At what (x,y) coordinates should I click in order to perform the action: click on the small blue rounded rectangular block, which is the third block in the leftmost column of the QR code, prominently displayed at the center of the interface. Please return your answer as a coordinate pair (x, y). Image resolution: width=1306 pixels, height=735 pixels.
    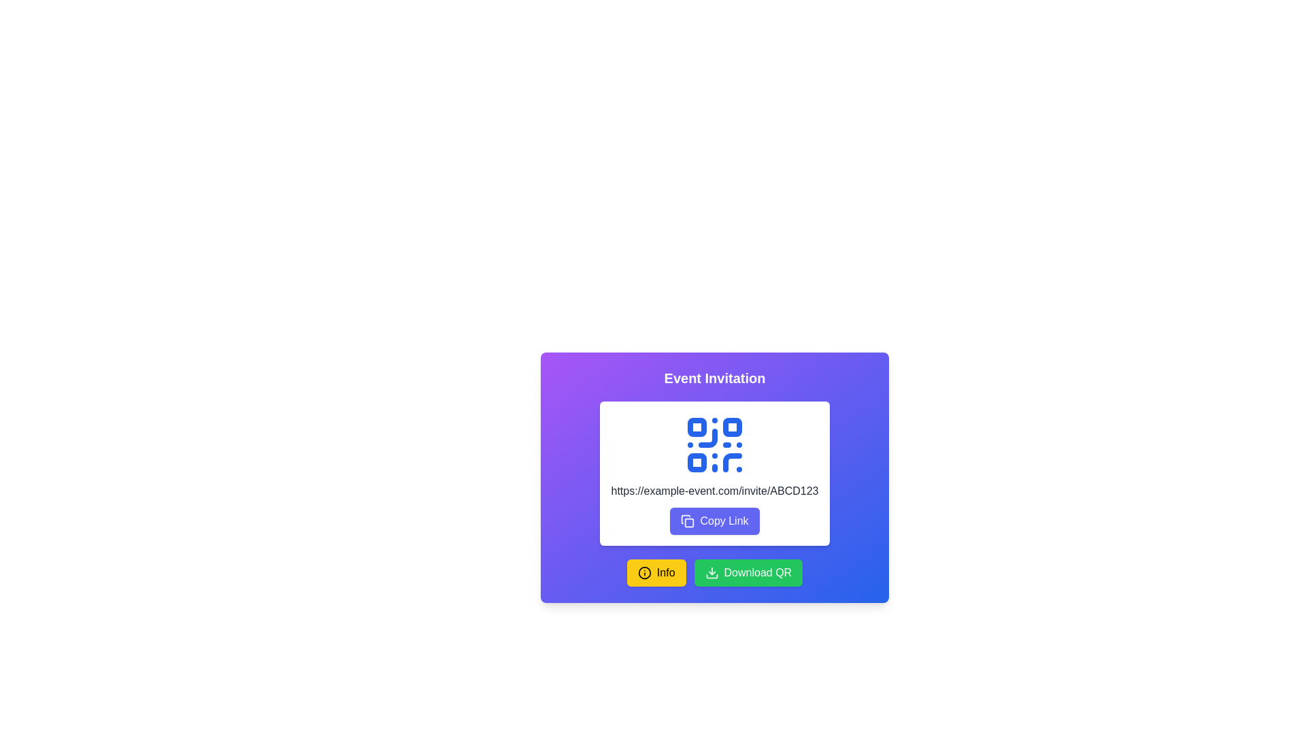
    Looking at the image, I should click on (697, 461).